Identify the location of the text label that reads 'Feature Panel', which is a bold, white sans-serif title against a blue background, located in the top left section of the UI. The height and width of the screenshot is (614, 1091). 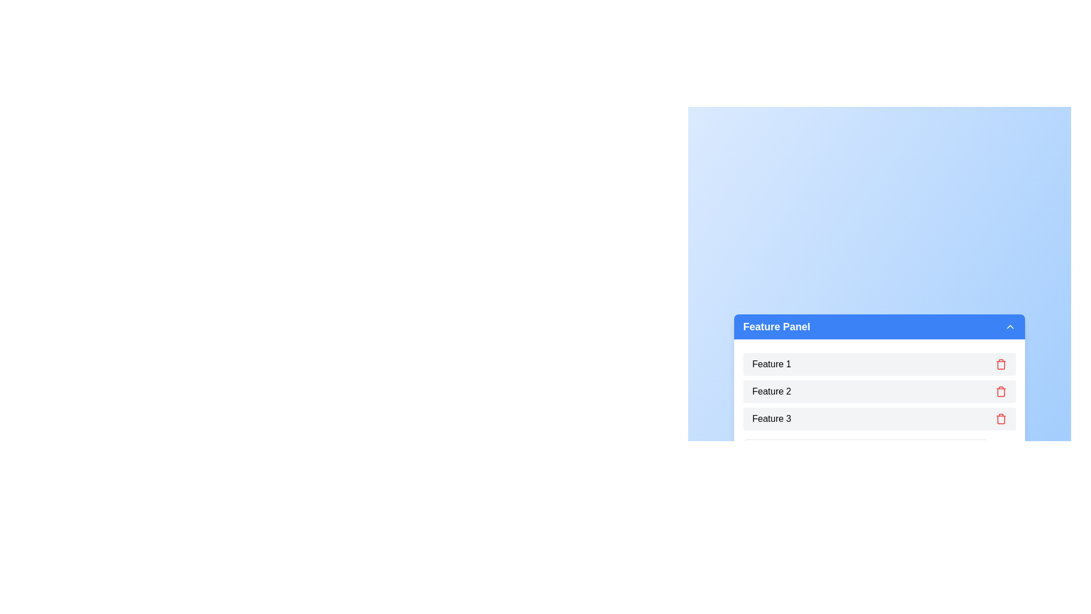
(776, 326).